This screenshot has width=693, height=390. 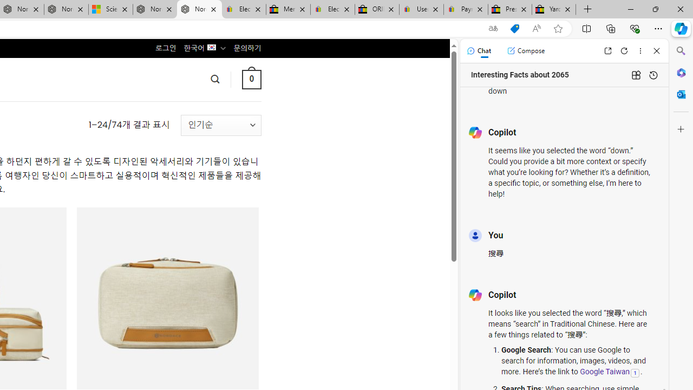 What do you see at coordinates (478, 50) in the screenshot?
I see `'Chat'` at bounding box center [478, 50].